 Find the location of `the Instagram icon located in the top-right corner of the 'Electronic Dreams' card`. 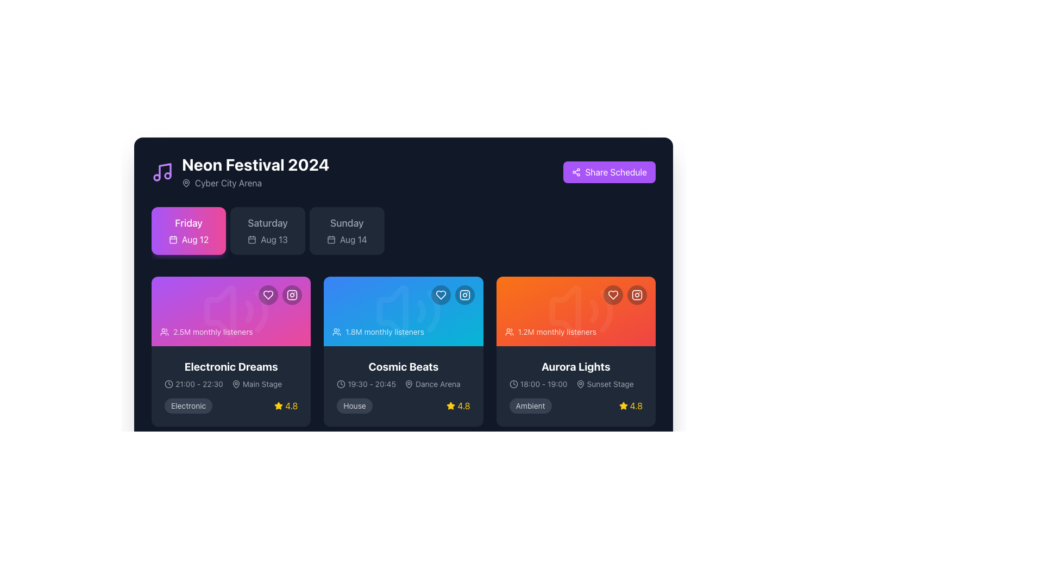

the Instagram icon located in the top-right corner of the 'Electronic Dreams' card is located at coordinates (292, 295).